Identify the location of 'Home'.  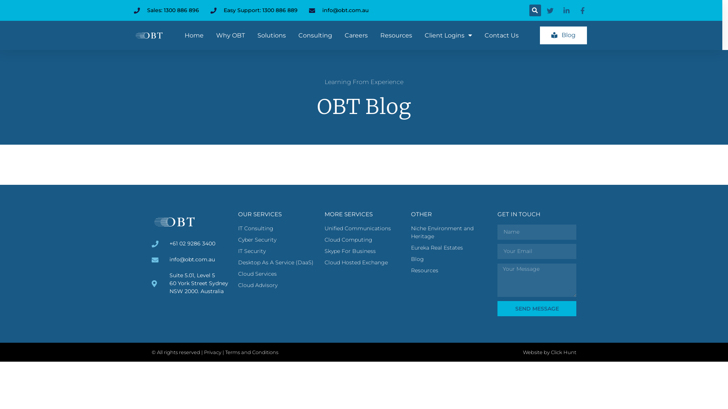
(194, 35).